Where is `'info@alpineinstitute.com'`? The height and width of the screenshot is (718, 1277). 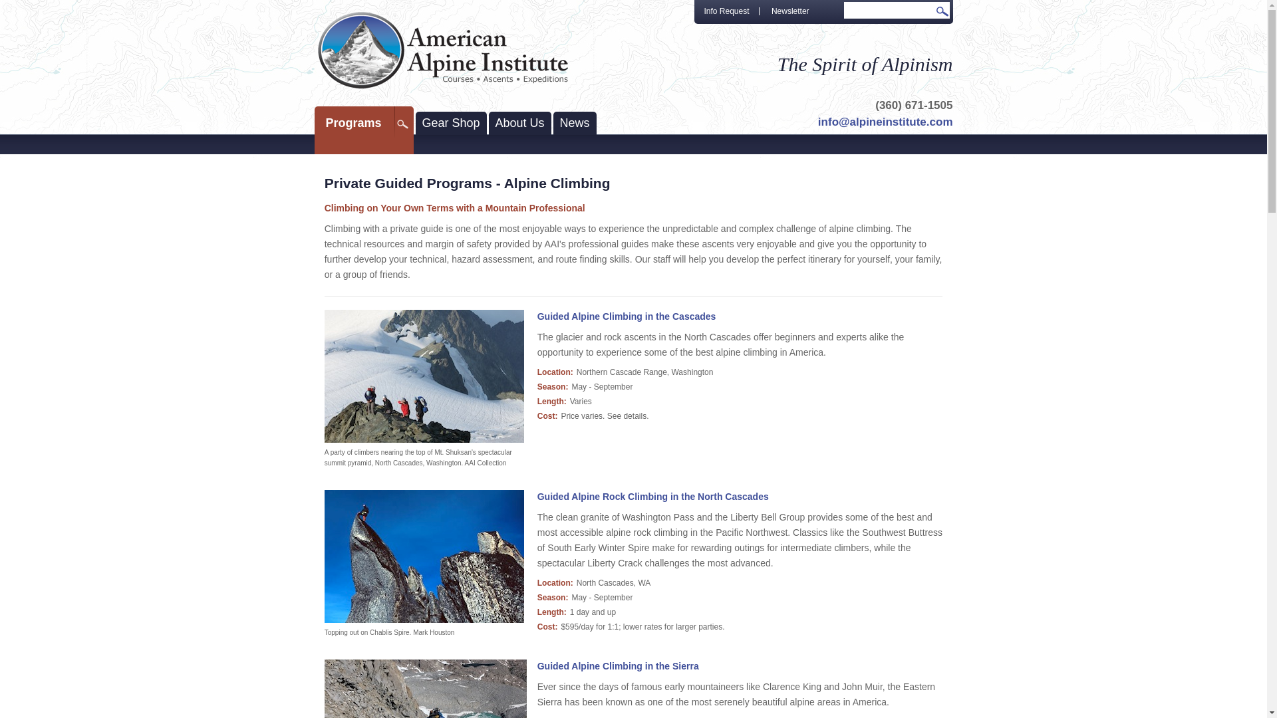 'info@alpineinstitute.com' is located at coordinates (885, 122).